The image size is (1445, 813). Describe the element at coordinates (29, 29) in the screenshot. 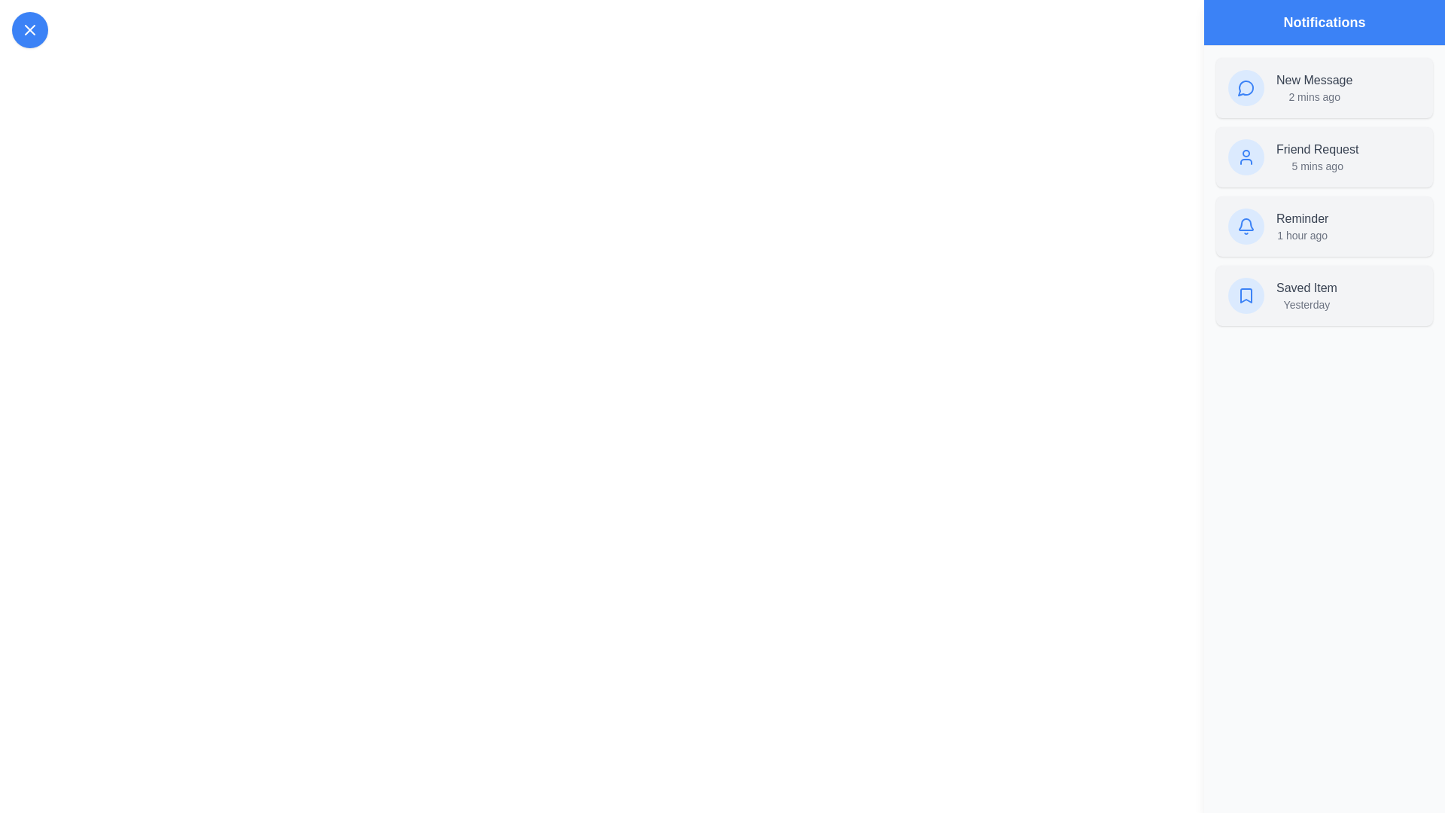

I see `the toggle button to change the visibility of the notification drawer` at that location.